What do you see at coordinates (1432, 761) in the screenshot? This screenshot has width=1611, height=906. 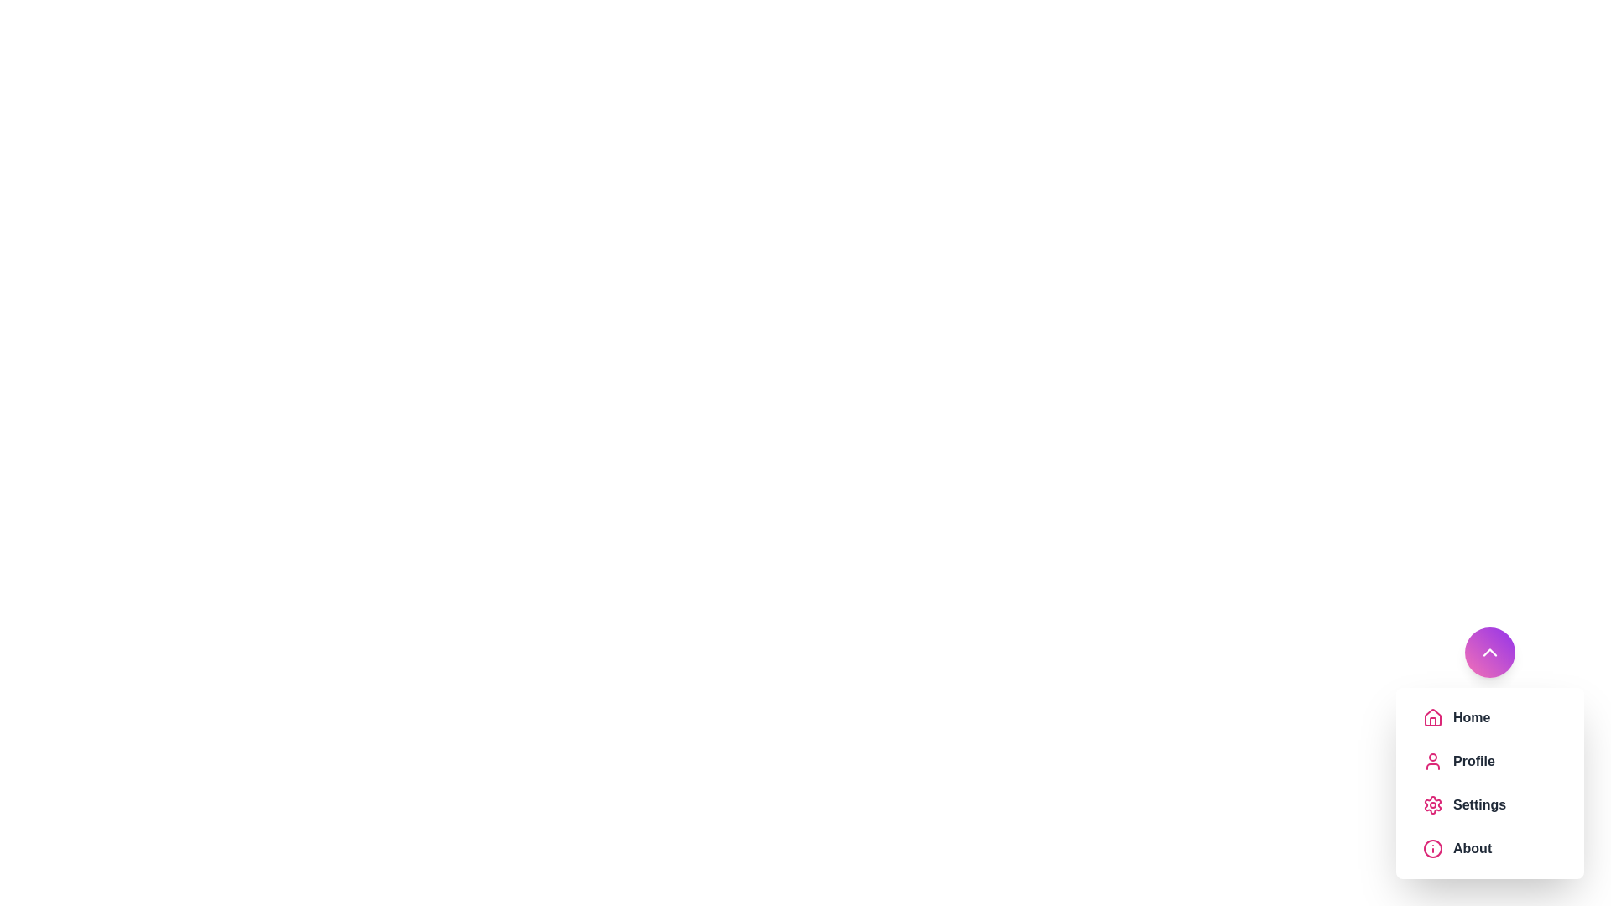 I see `the menu item icon corresponding to Profile` at bounding box center [1432, 761].